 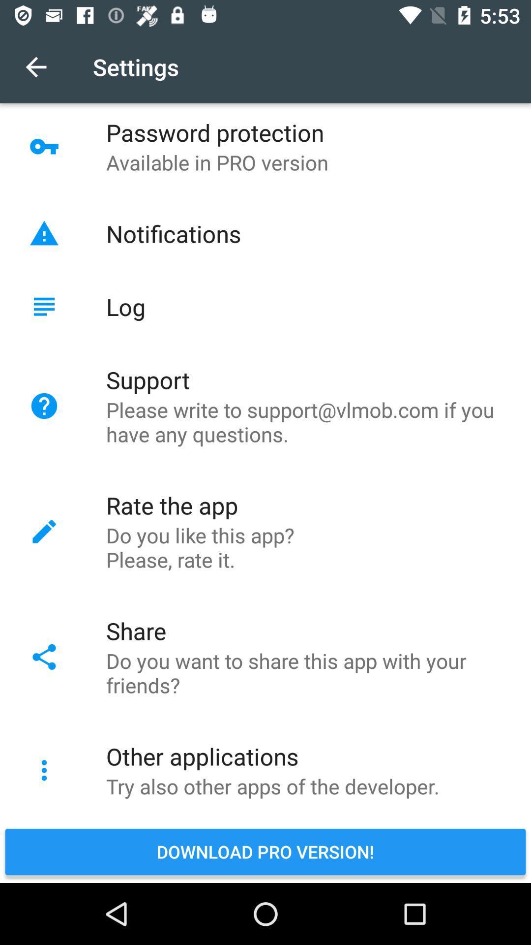 What do you see at coordinates (35, 66) in the screenshot?
I see `item to the left of settings icon` at bounding box center [35, 66].